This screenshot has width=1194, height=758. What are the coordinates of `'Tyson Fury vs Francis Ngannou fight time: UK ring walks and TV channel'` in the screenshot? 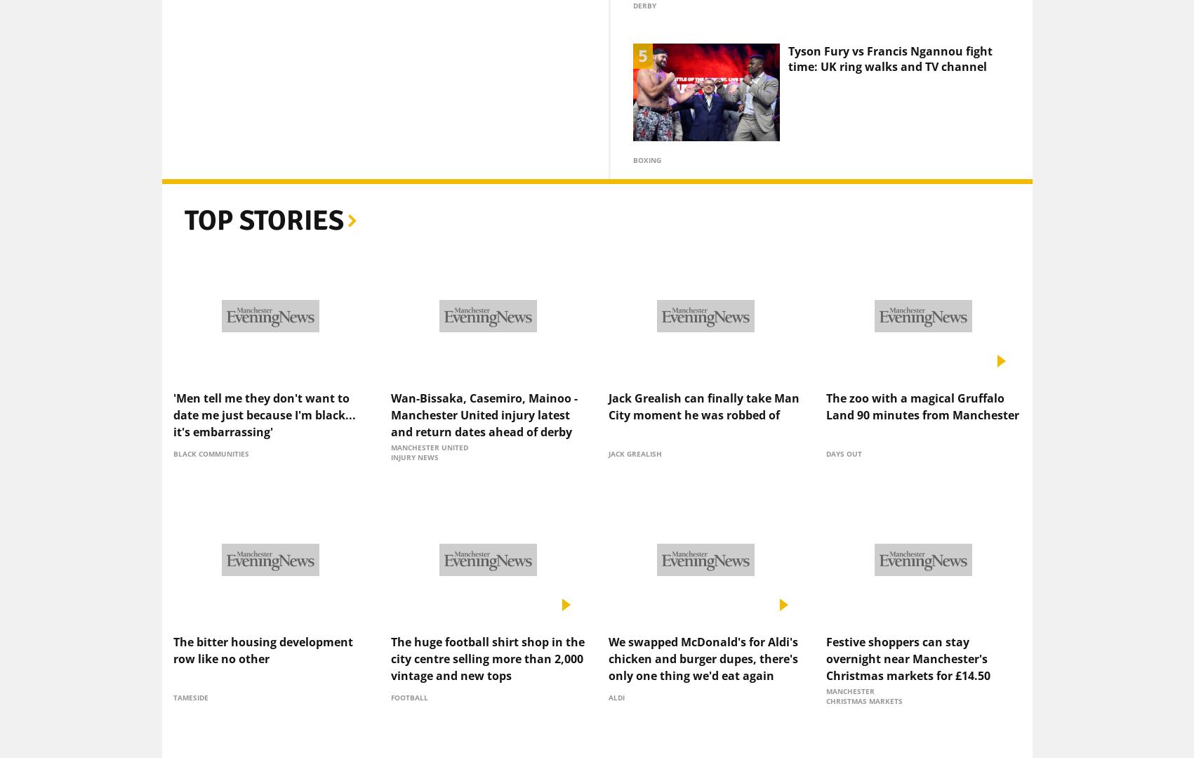 It's located at (786, 34).